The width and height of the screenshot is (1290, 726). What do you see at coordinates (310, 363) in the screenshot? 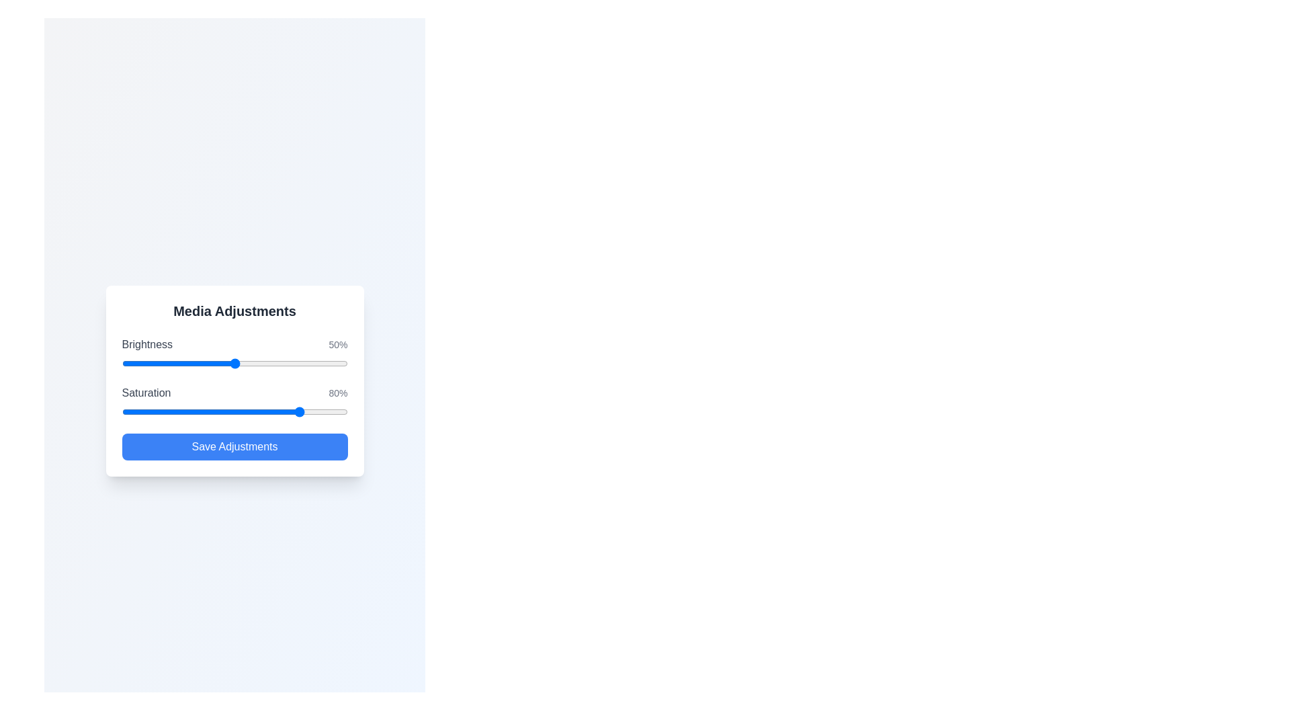
I see `the brightness slider to 84%` at bounding box center [310, 363].